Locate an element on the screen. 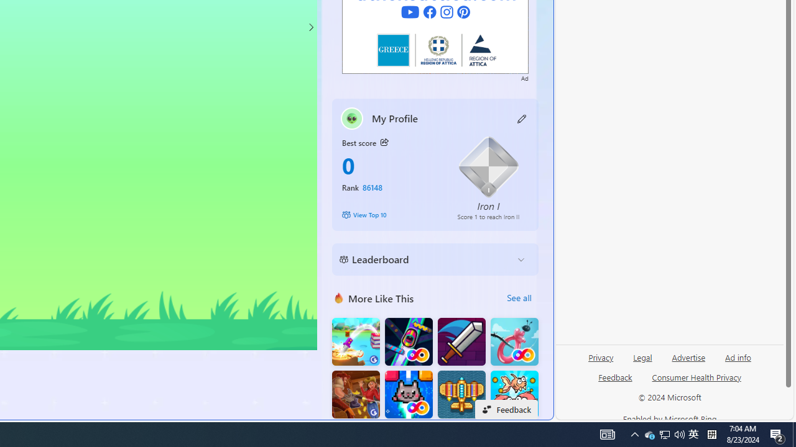  'Bumper Car FRVR' is located at coordinates (409, 341).